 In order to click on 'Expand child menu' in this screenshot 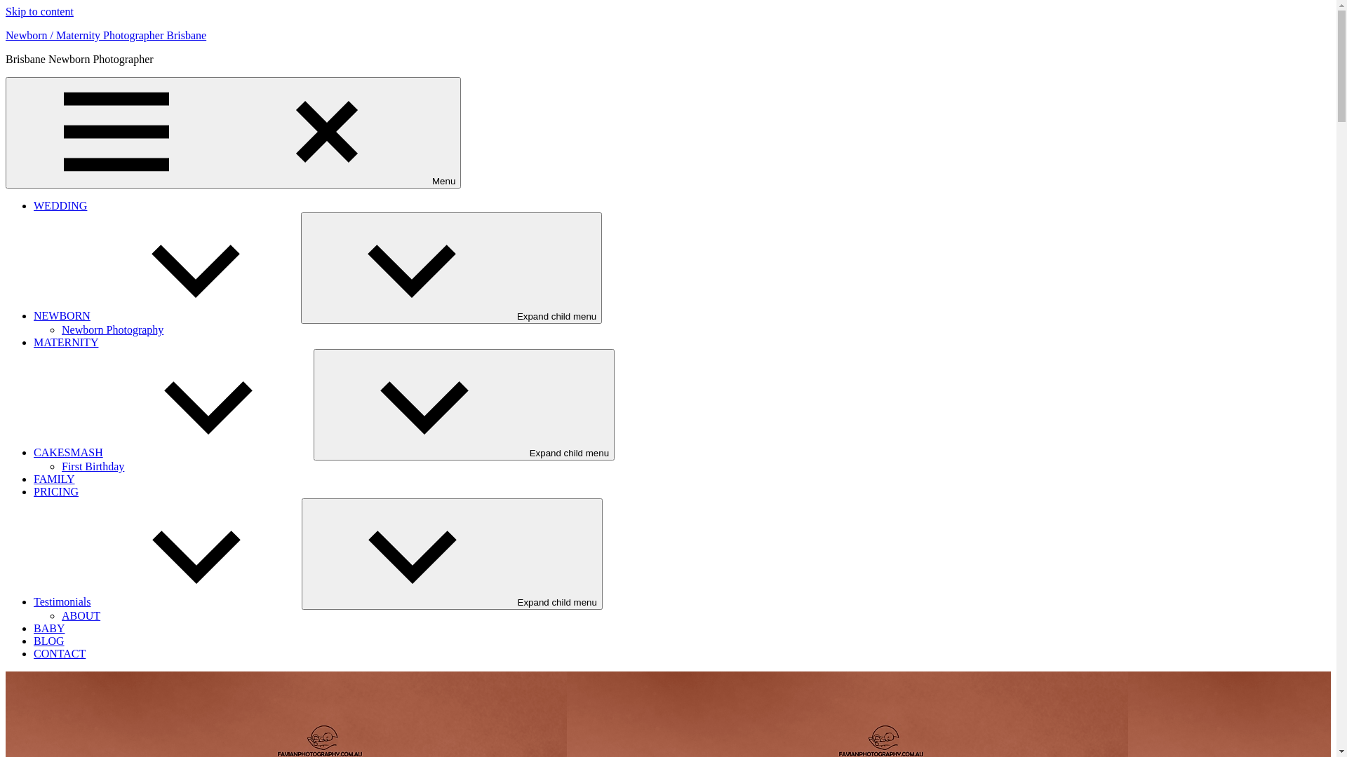, I will do `click(451, 268)`.